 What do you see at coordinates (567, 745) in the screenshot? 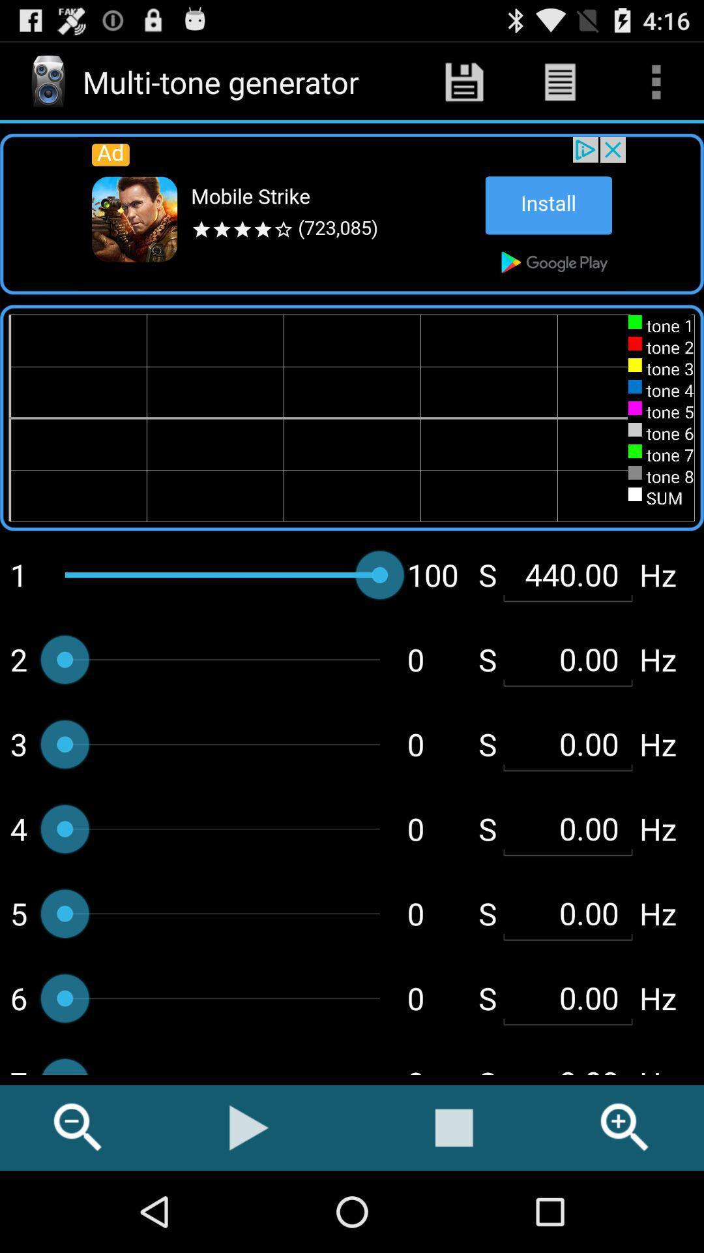
I see `second 000 shown below 44000` at bounding box center [567, 745].